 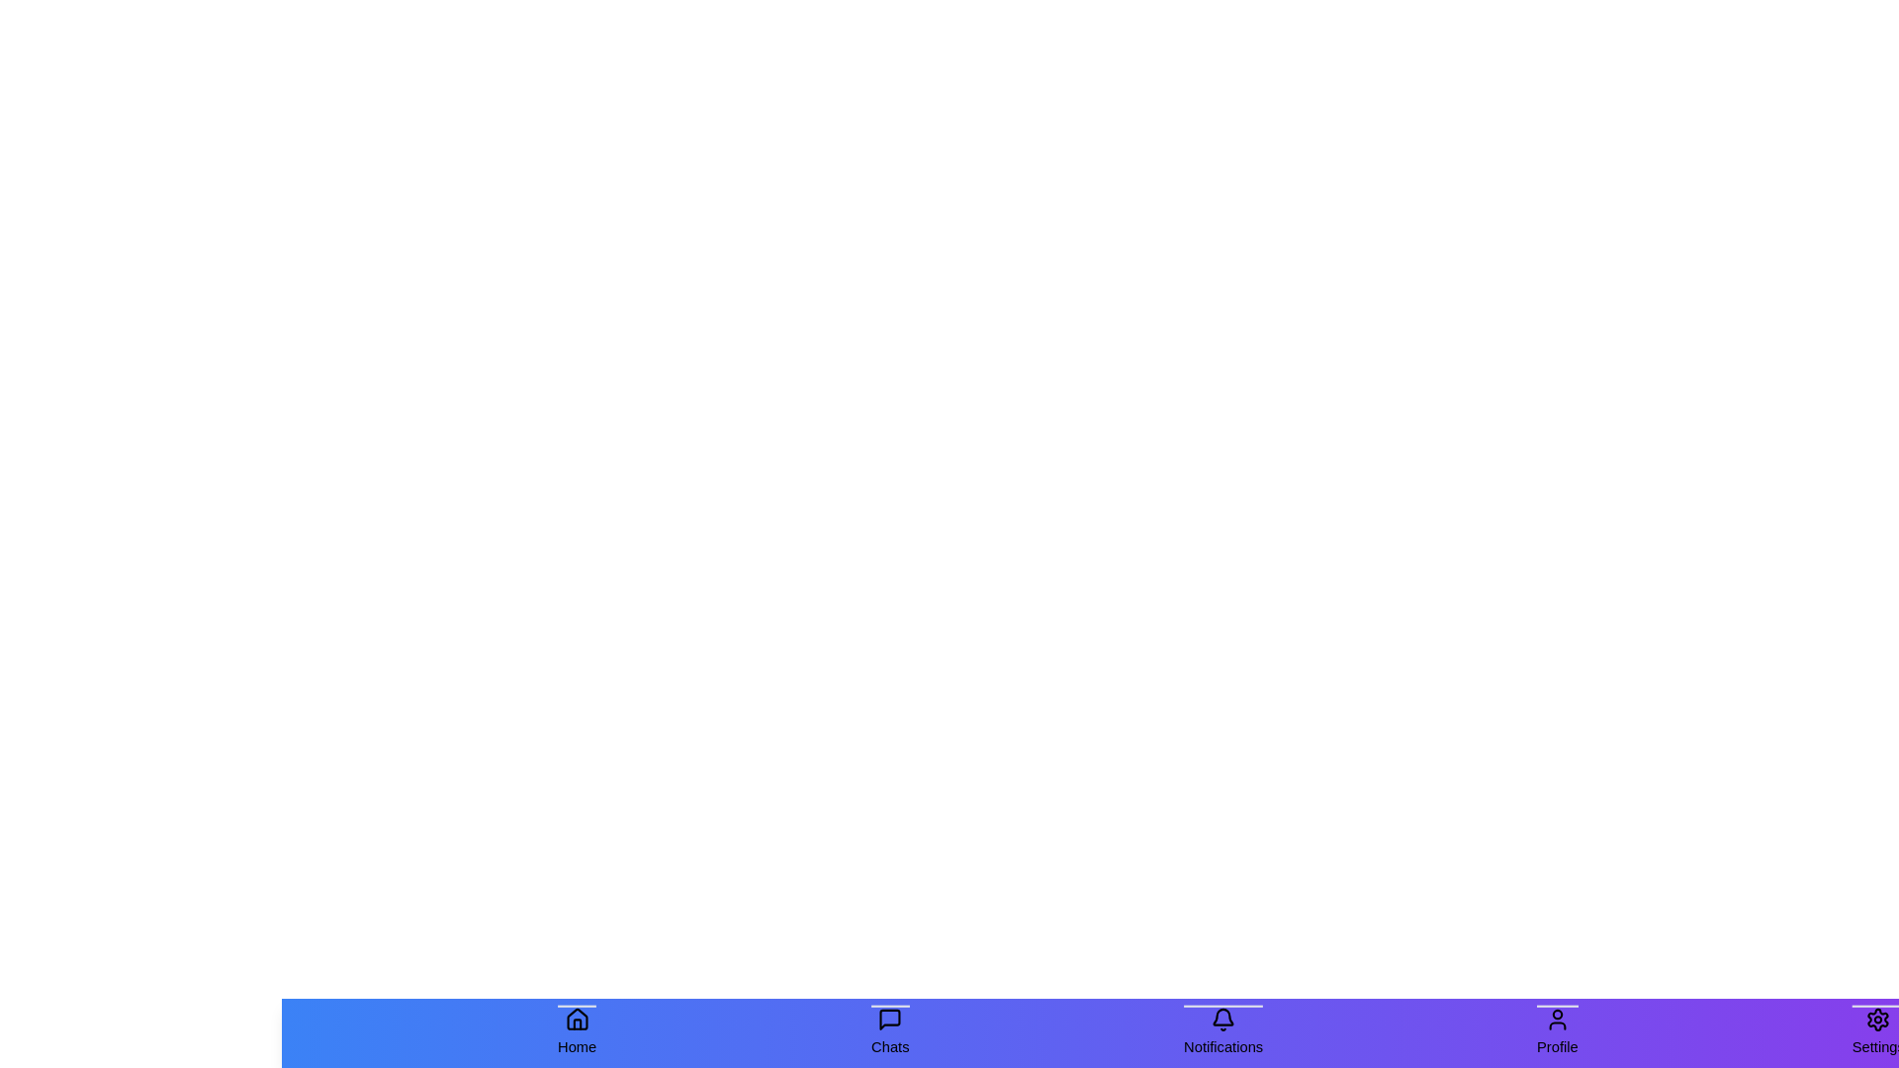 I want to click on the Chats tab in the bottom navigation bar, so click(x=889, y=1032).